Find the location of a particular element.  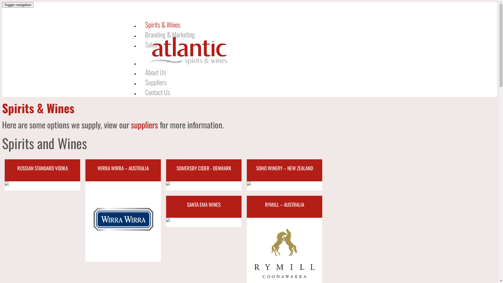

'Toggle navigation' is located at coordinates (2, 5).